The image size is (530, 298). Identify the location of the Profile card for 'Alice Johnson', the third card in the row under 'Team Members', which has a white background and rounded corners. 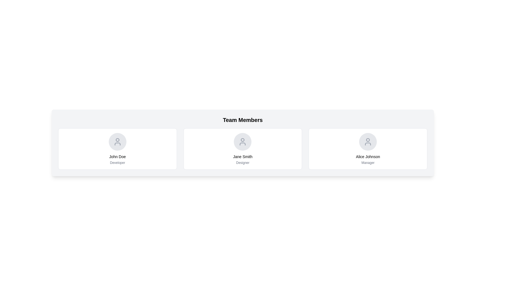
(368, 149).